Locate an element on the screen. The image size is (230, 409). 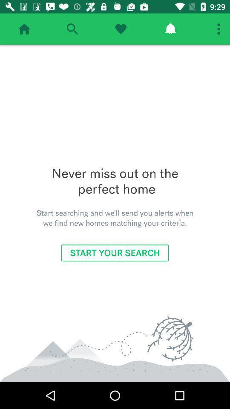
search the application for keywords is located at coordinates (72, 29).